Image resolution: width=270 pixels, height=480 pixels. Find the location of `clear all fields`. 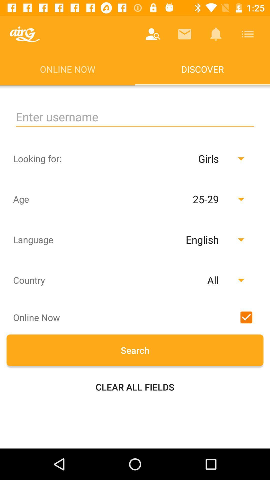

clear all fields is located at coordinates (135, 387).